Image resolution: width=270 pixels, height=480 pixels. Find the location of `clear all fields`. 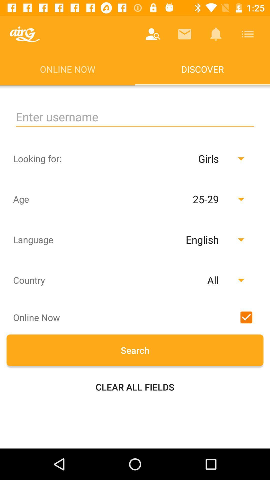

clear all fields is located at coordinates (135, 387).